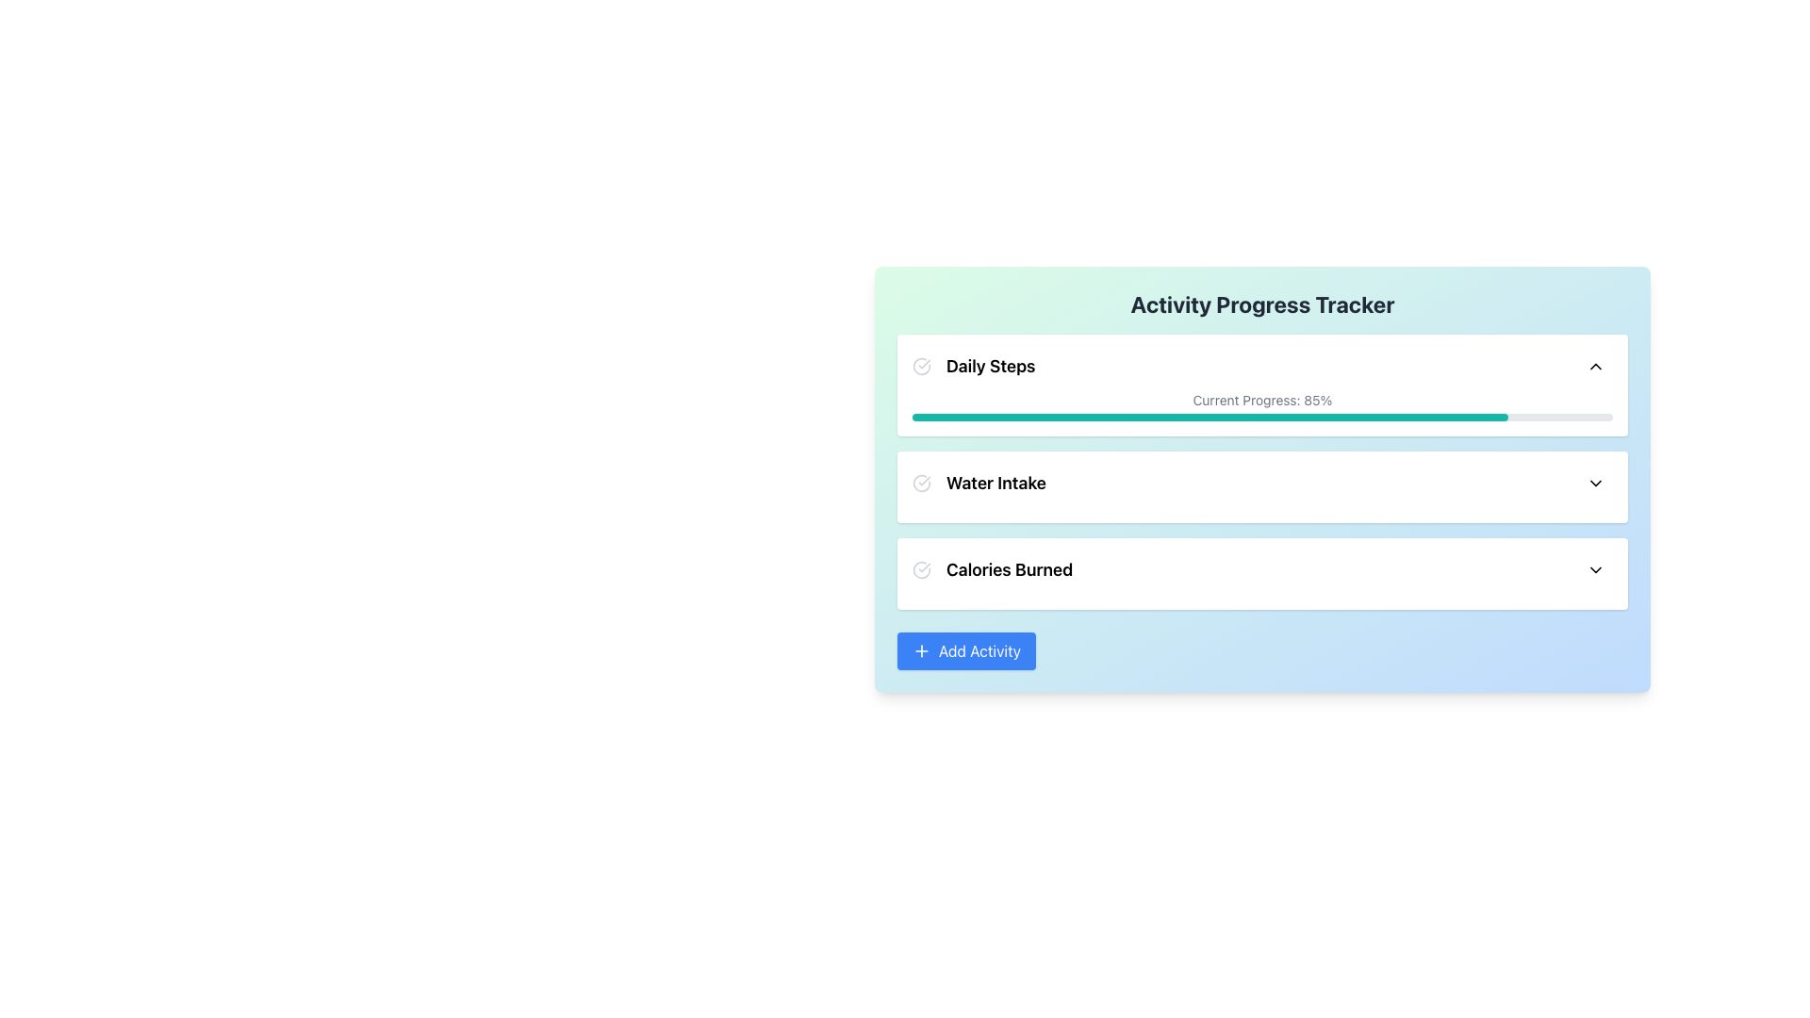 This screenshot has height=1018, width=1810. I want to click on the progress bar indicating 85% completion for the 'Daily Steps' activity, located below the 'Current Progress: 85%' text, so click(1262, 417).